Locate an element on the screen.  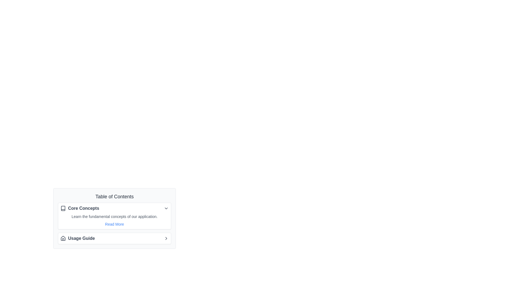
the house-shaped icon located to the left of the 'Usage Guide' text in the 'Table of Contents' section is located at coordinates (63, 238).